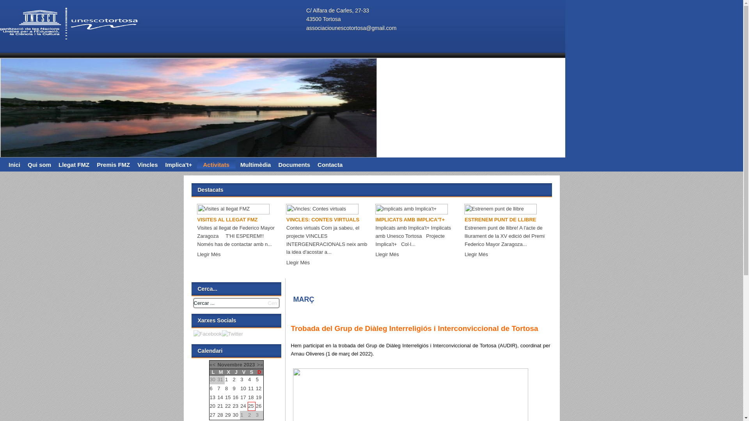  Describe the element at coordinates (227, 219) in the screenshot. I see `'VISITES AL LLEGAT FMZ'` at that location.